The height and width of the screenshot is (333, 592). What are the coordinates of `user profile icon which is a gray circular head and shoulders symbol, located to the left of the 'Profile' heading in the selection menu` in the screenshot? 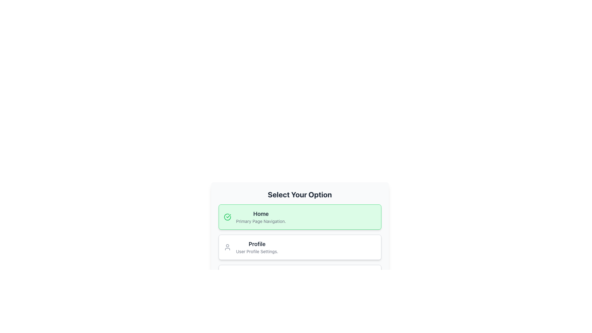 It's located at (227, 247).